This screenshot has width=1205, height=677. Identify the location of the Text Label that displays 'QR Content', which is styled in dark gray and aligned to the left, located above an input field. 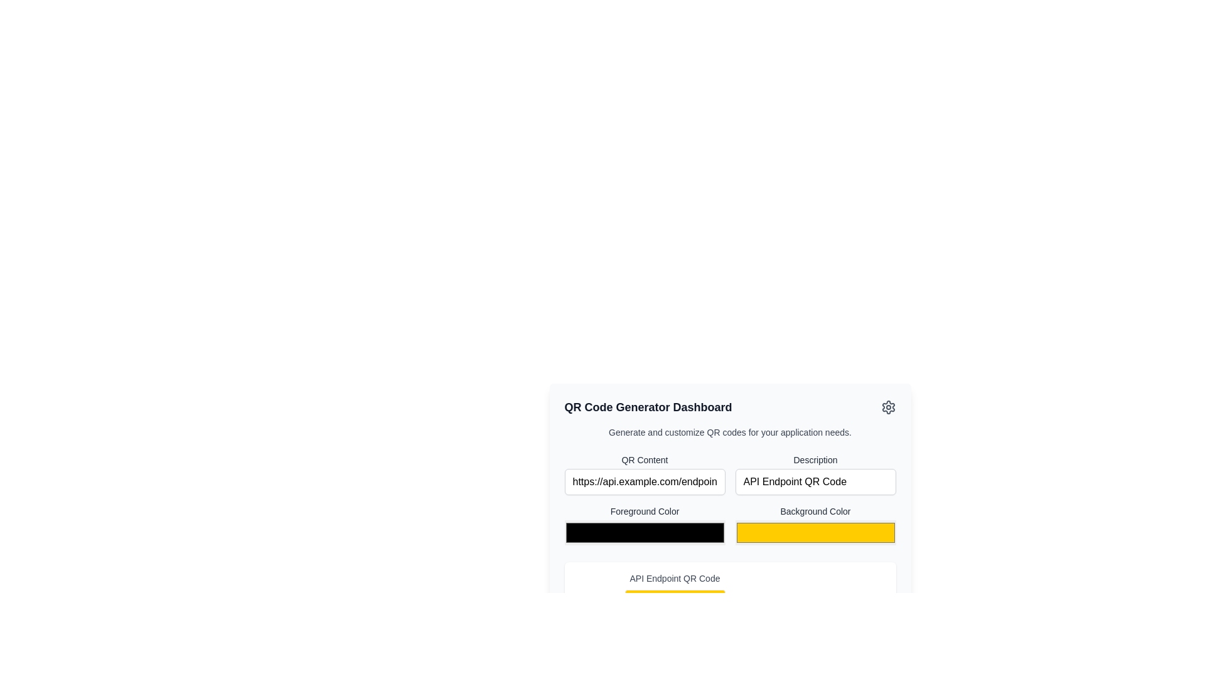
(645, 459).